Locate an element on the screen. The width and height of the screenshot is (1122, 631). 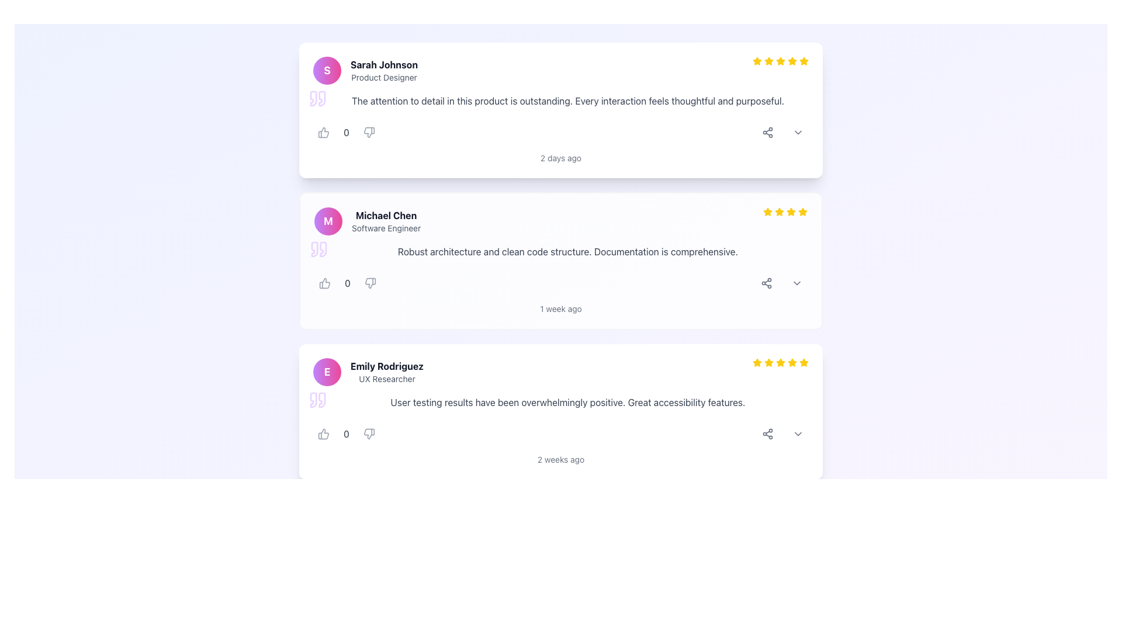
the negative feedback button located on the right side of a counter displaying '0', which is the second button in the interactive feedback interface is located at coordinates (369, 132).